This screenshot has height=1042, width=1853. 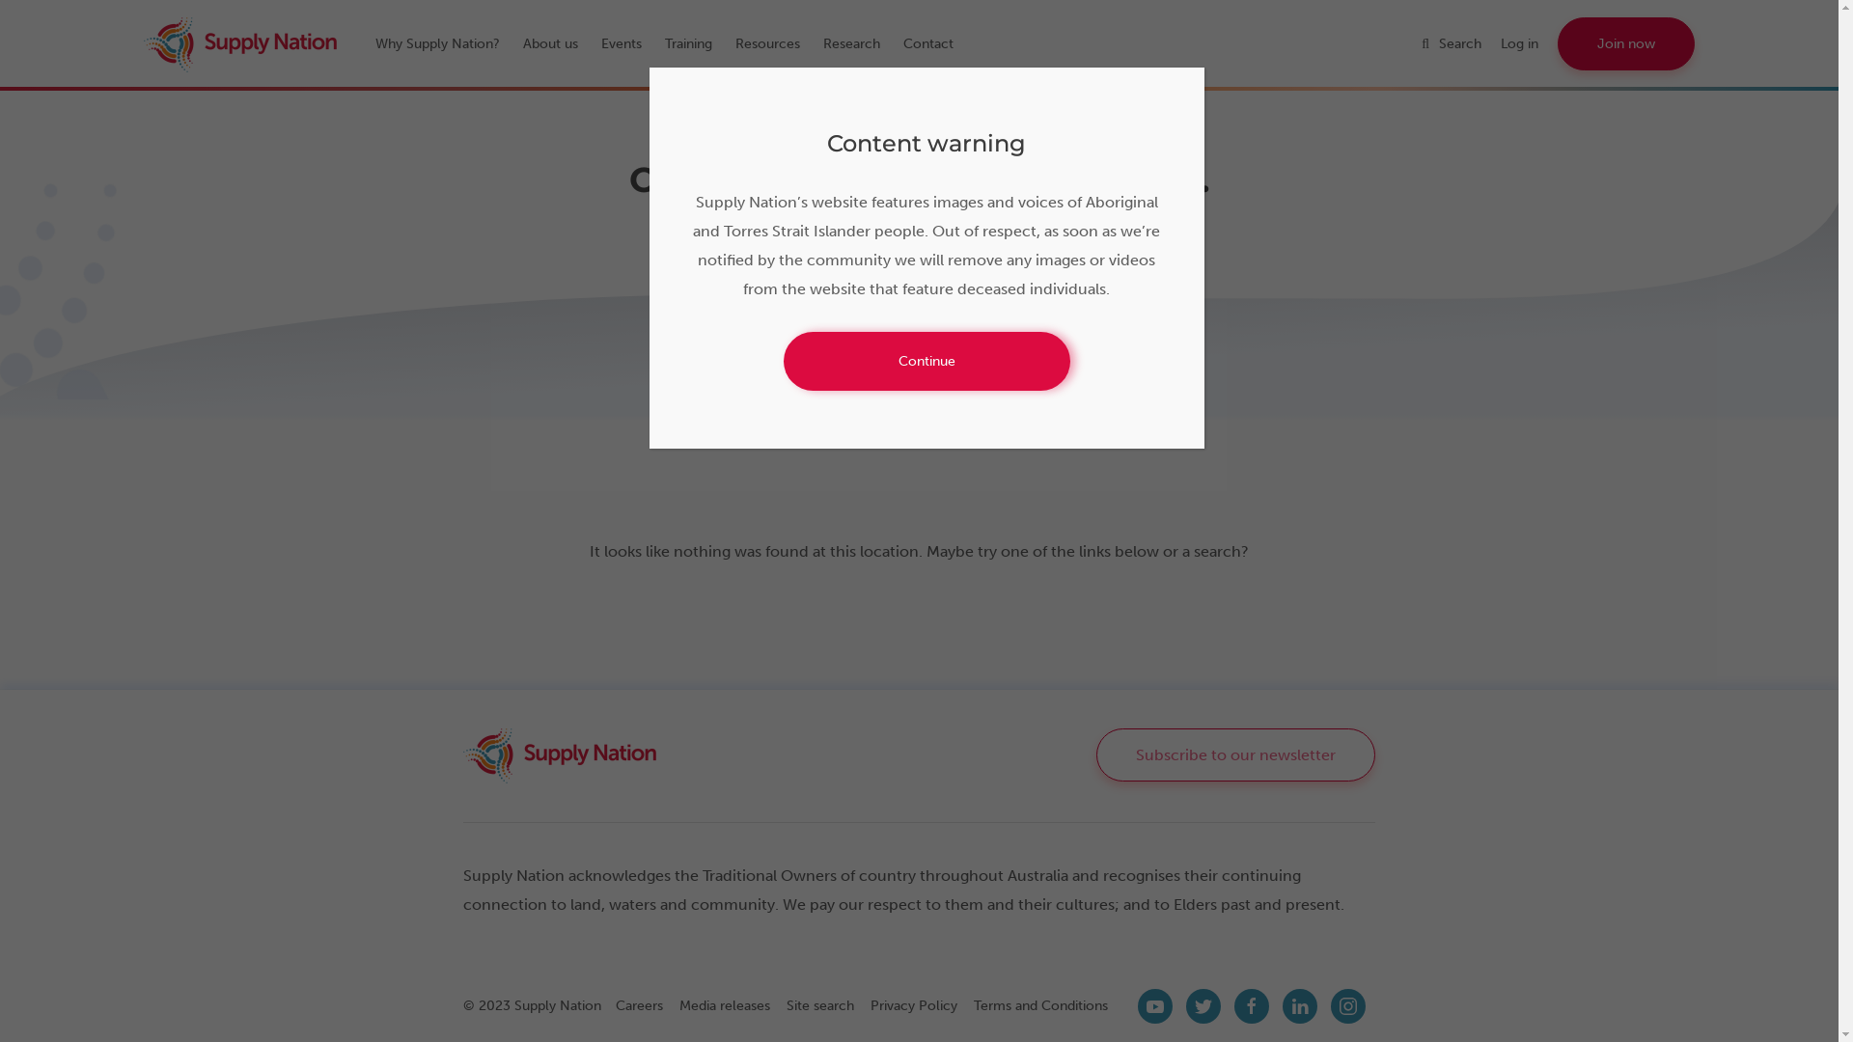 What do you see at coordinates (1251, 1004) in the screenshot?
I see `'Supply Nation on Facebook'` at bounding box center [1251, 1004].